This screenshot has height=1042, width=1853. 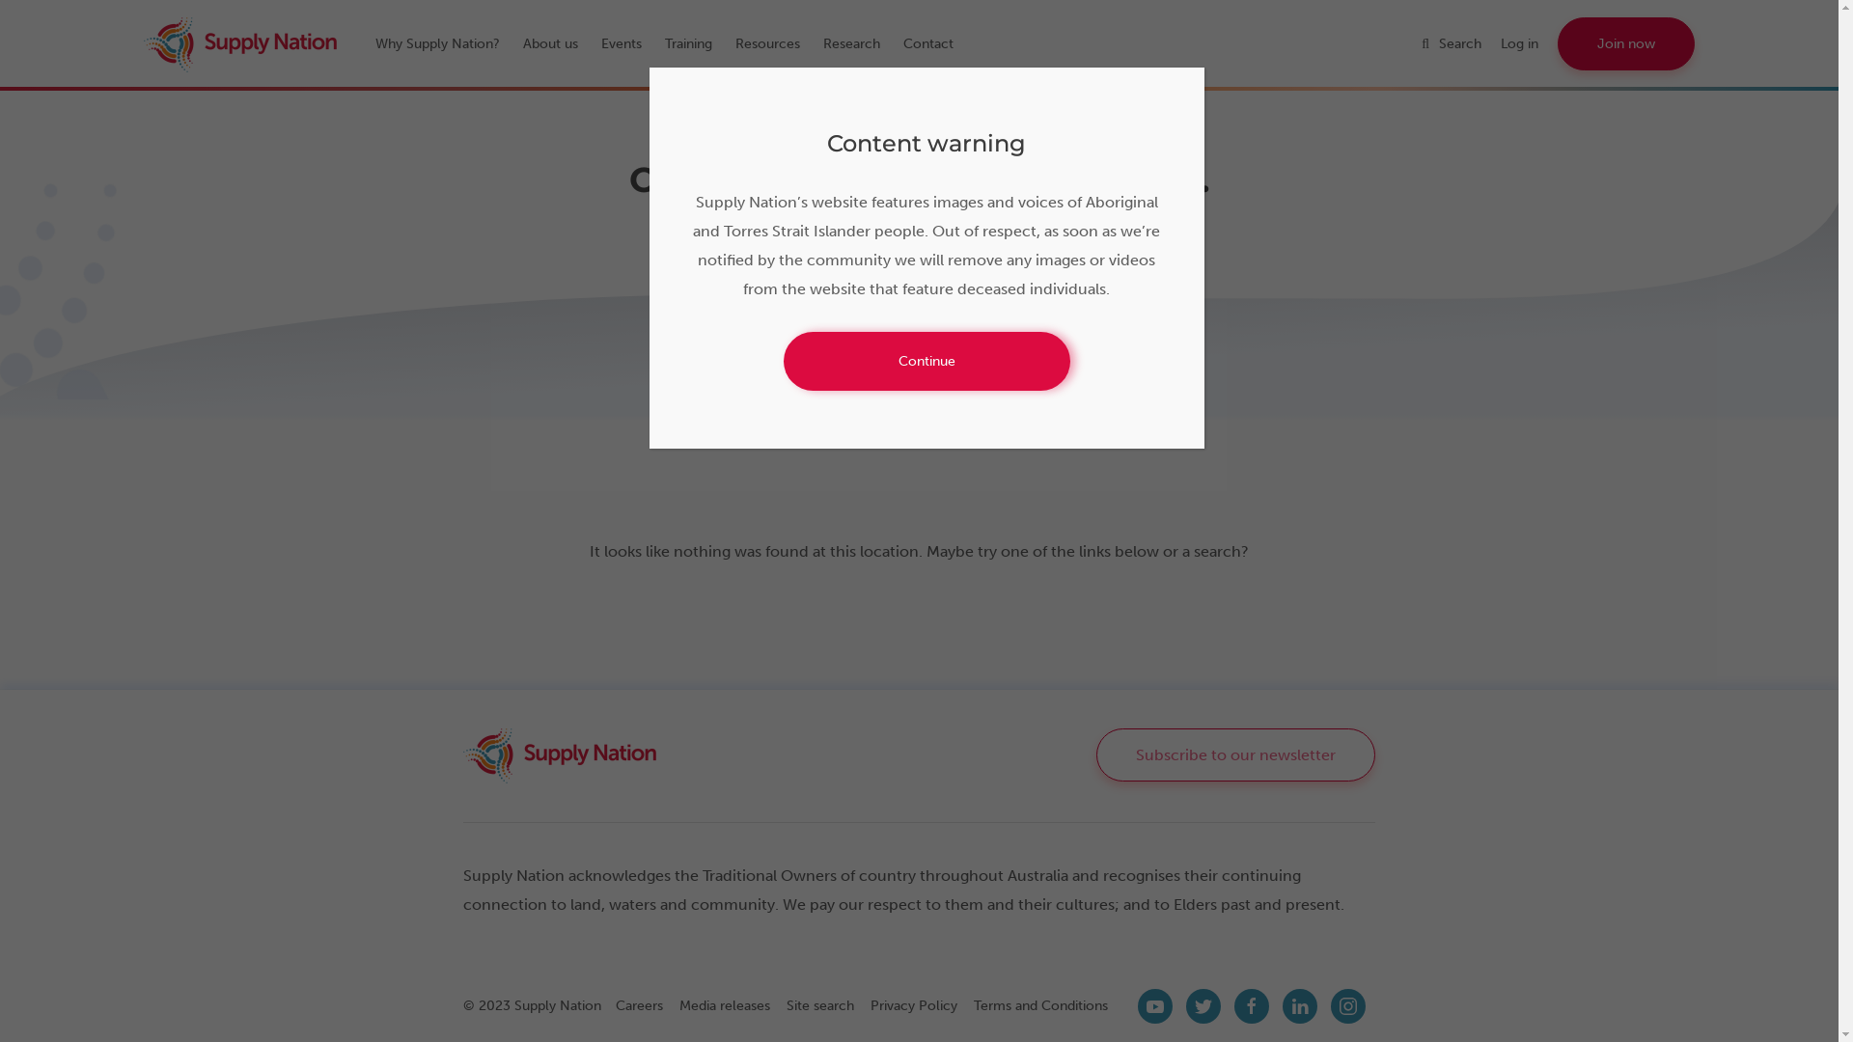 What do you see at coordinates (1251, 1004) in the screenshot?
I see `'Supply Nation on Facebook'` at bounding box center [1251, 1004].